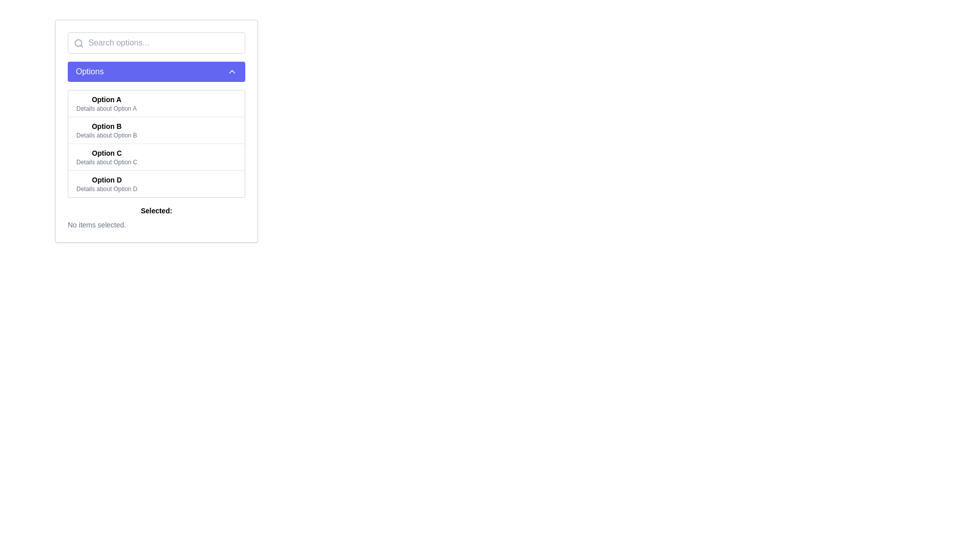 This screenshot has height=546, width=971. I want to click on the static text label saying 'Details about Option A' which is styled in gray and appears beneath the 'Option A' label in the options list, so click(106, 109).